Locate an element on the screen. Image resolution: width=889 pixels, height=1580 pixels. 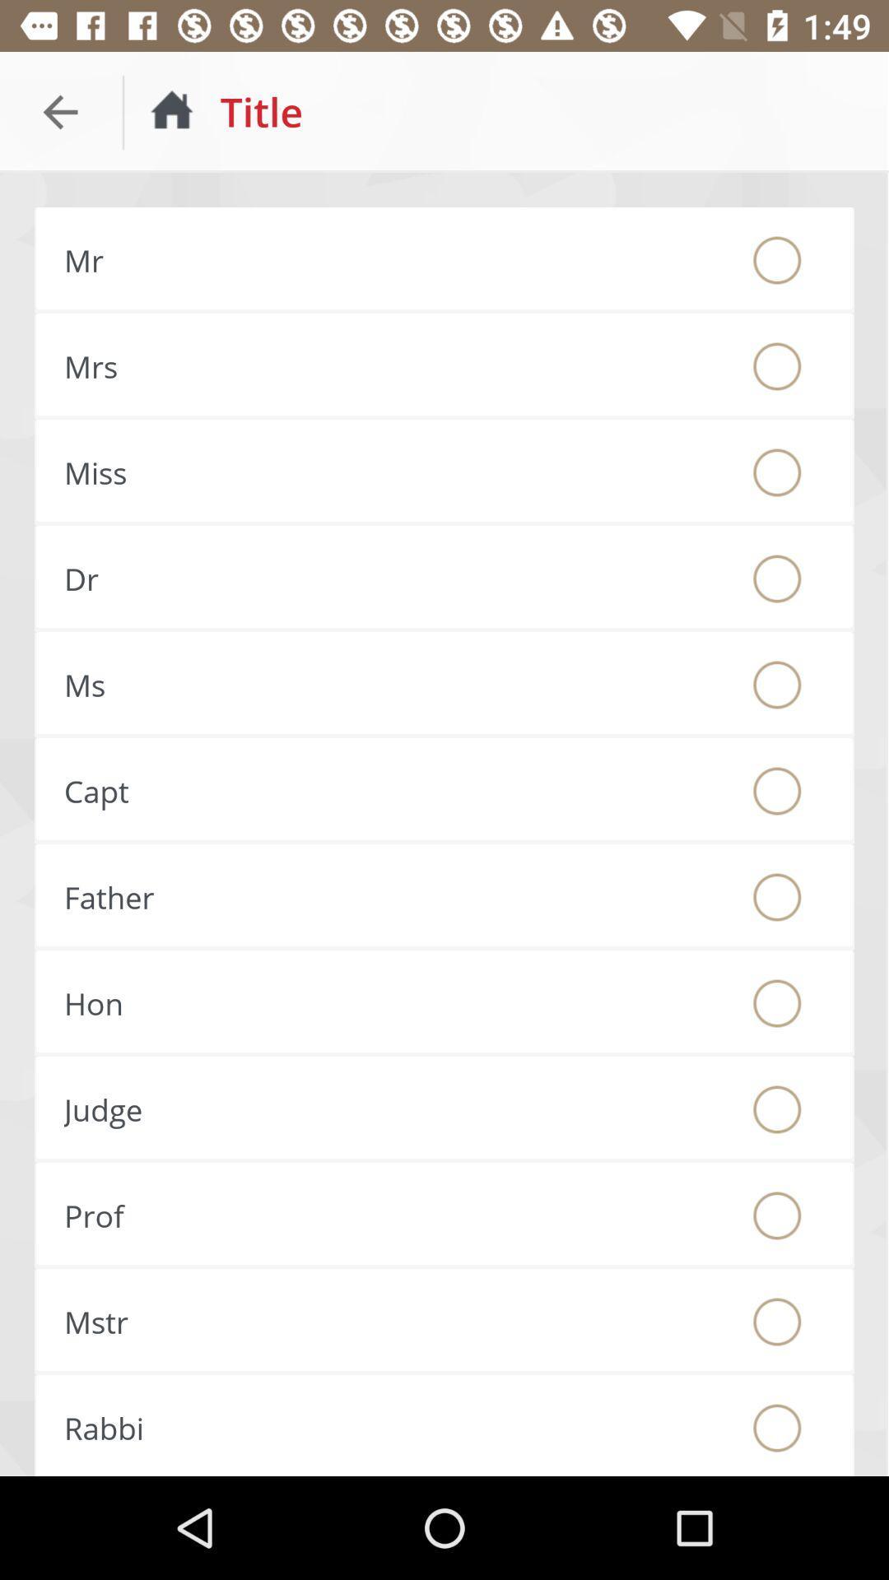
item above mr item is located at coordinates (59, 111).